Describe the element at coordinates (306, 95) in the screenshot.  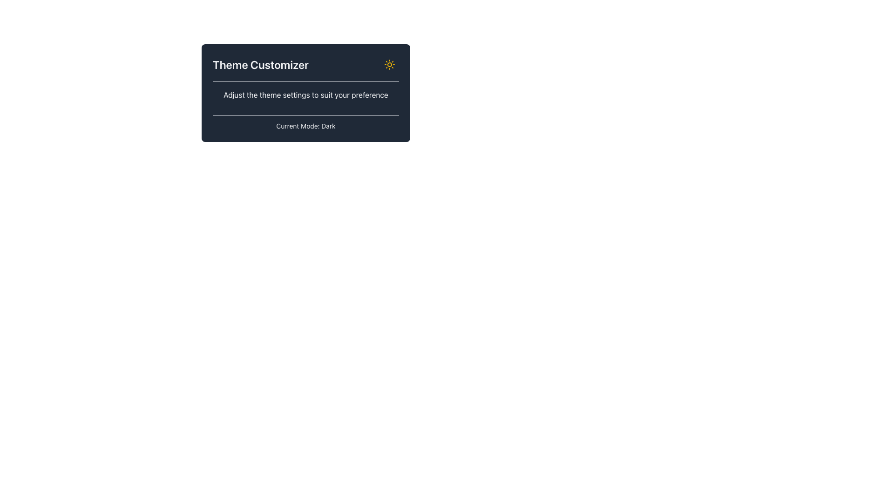
I see `the static text label that provides guidance for adjusting theme settings in the 'Theme Customizer' panel` at that location.